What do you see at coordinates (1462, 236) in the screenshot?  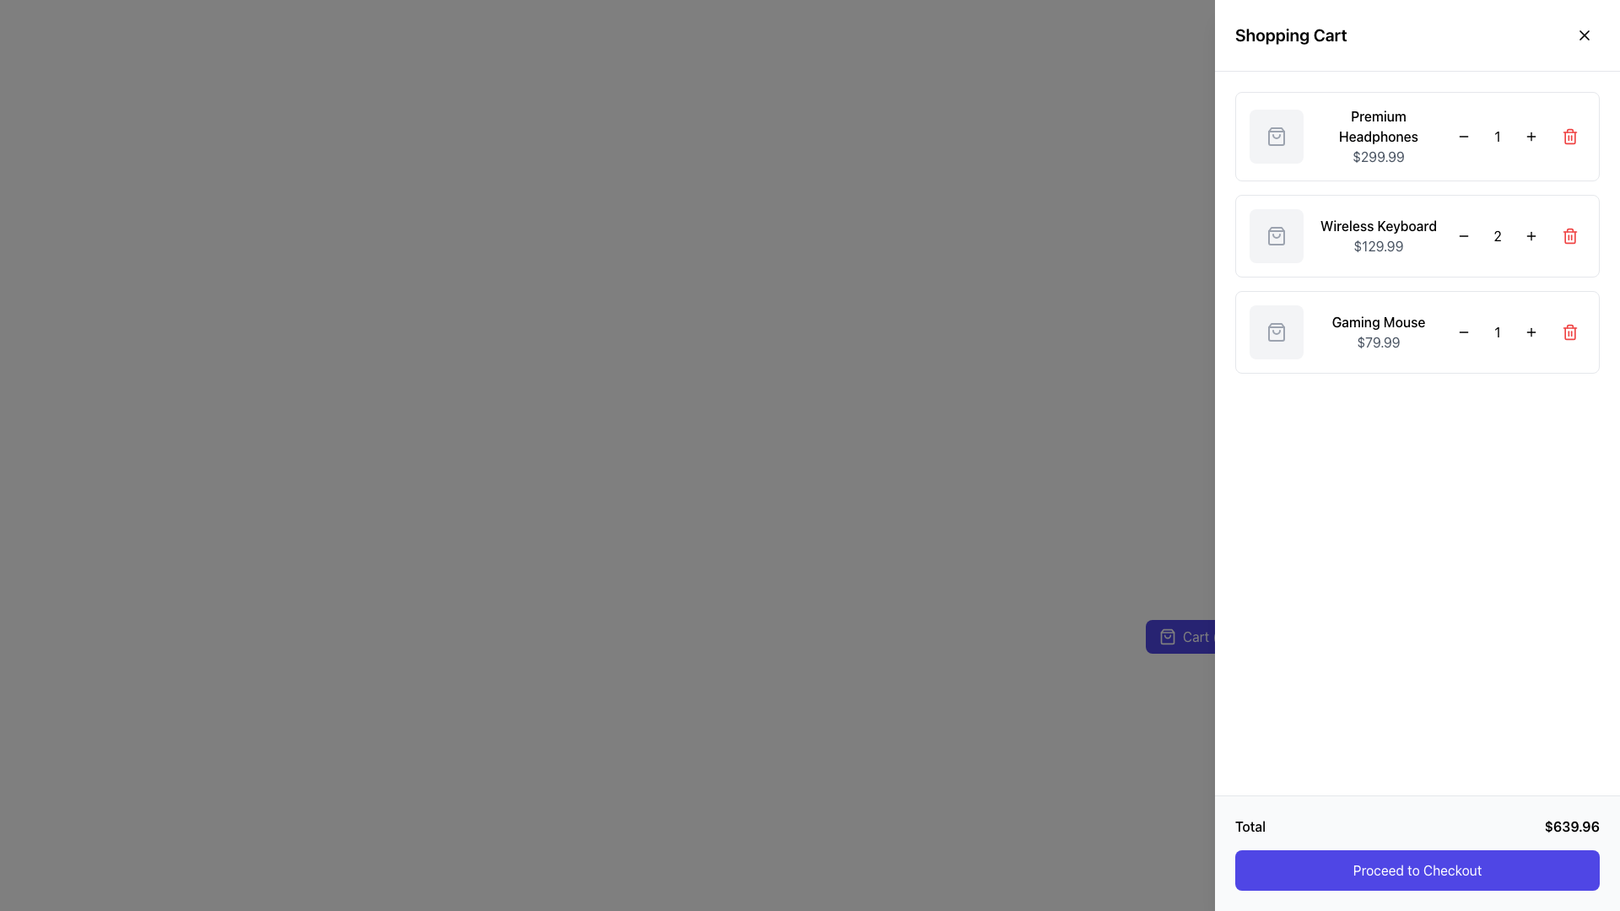 I see `the minus button in the quantity adjustment section of the Wireless Keyboard item in the shopping cart to reduce the quantity` at bounding box center [1462, 236].